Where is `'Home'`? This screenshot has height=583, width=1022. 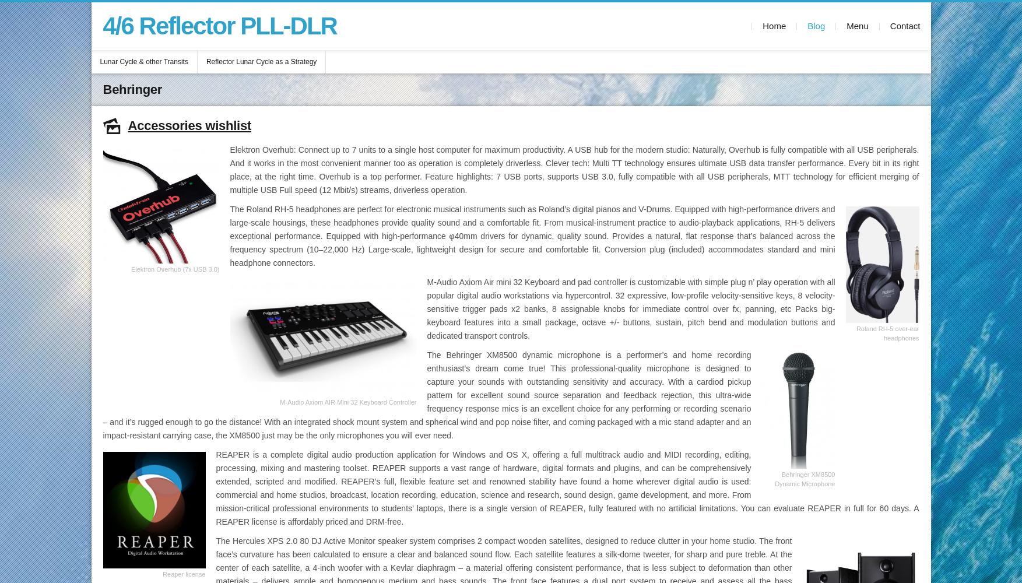 'Home' is located at coordinates (774, 26).